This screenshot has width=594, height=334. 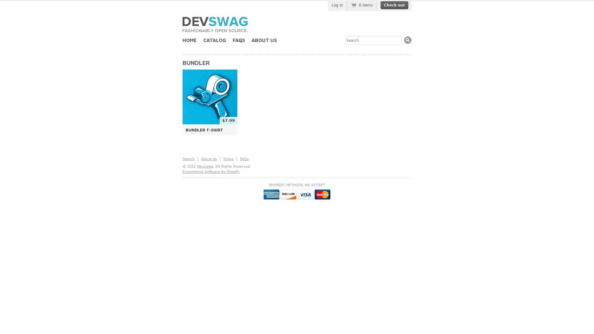 What do you see at coordinates (408, 40) in the screenshot?
I see `Search` at bounding box center [408, 40].